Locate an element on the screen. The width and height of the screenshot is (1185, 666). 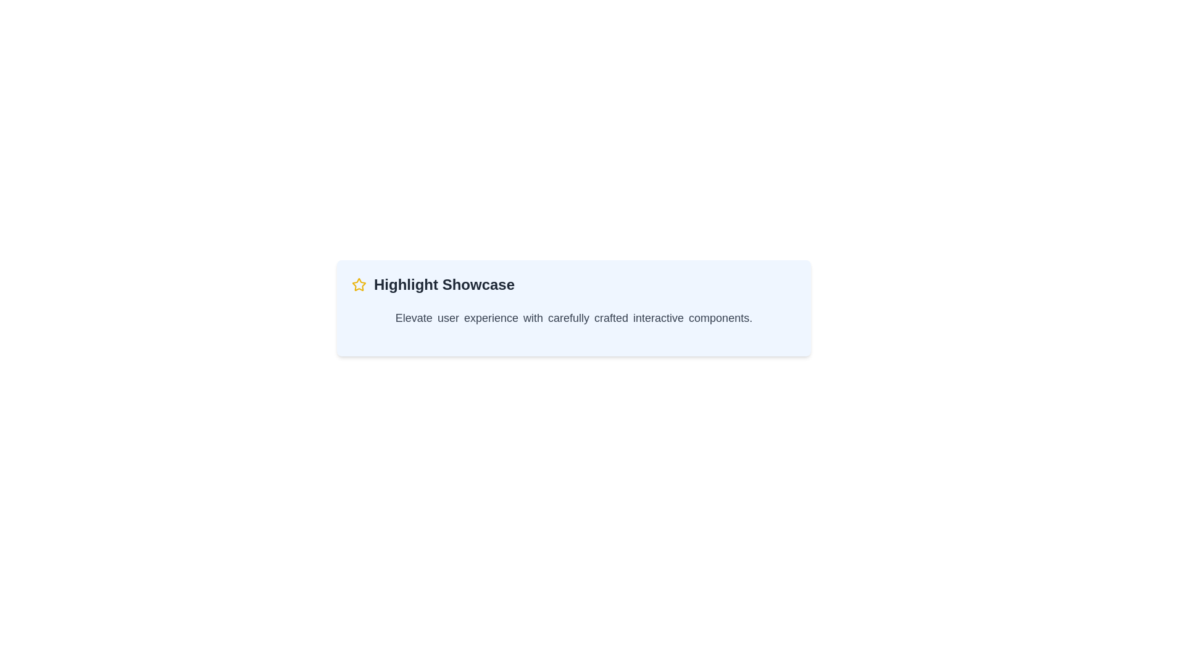
the sixth word in the sentence within the centered box, which follows 'carefully' and precedes 'interactive' is located at coordinates (611, 318).